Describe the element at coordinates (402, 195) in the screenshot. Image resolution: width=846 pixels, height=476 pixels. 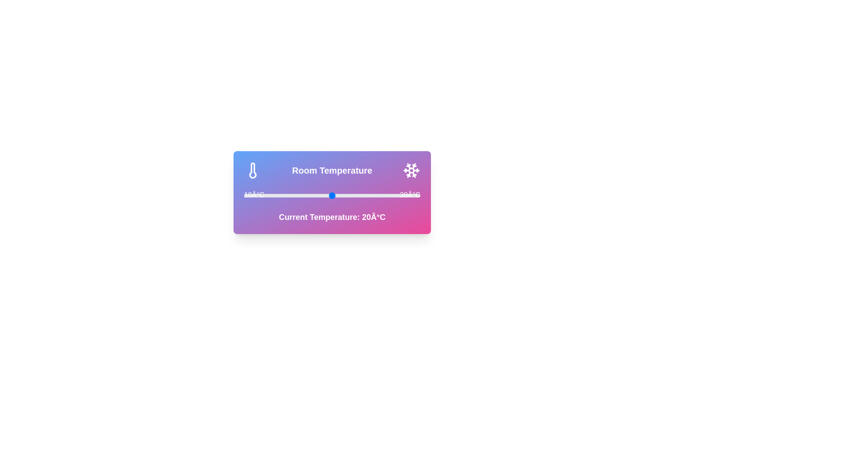
I see `the temperature slider to 28°C` at that location.